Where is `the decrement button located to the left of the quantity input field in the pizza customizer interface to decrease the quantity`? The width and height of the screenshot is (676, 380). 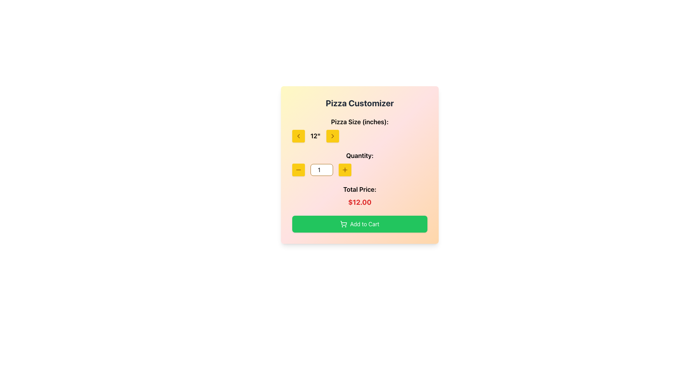 the decrement button located to the left of the quantity input field in the pizza customizer interface to decrease the quantity is located at coordinates (299, 170).